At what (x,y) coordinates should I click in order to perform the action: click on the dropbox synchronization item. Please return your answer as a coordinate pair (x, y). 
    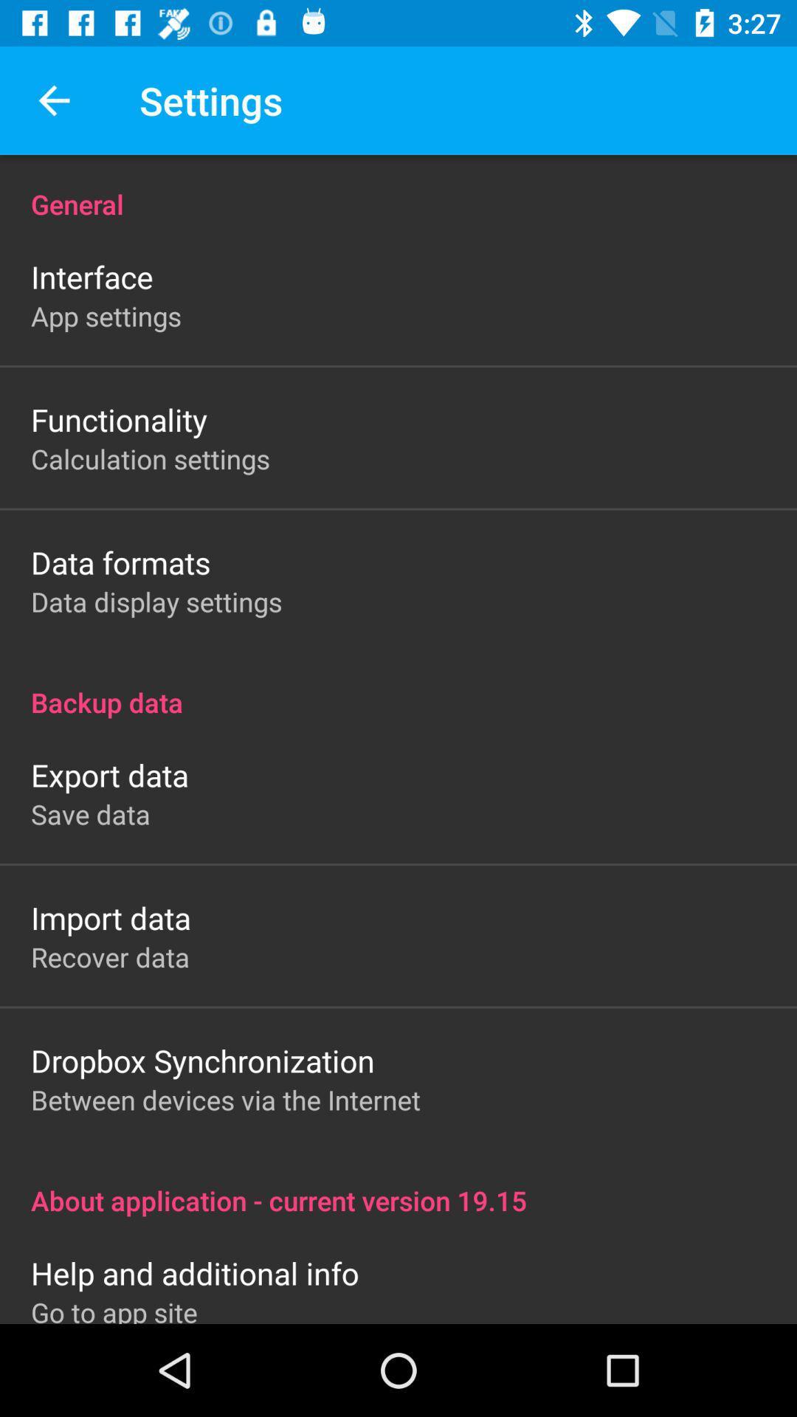
    Looking at the image, I should click on (202, 1059).